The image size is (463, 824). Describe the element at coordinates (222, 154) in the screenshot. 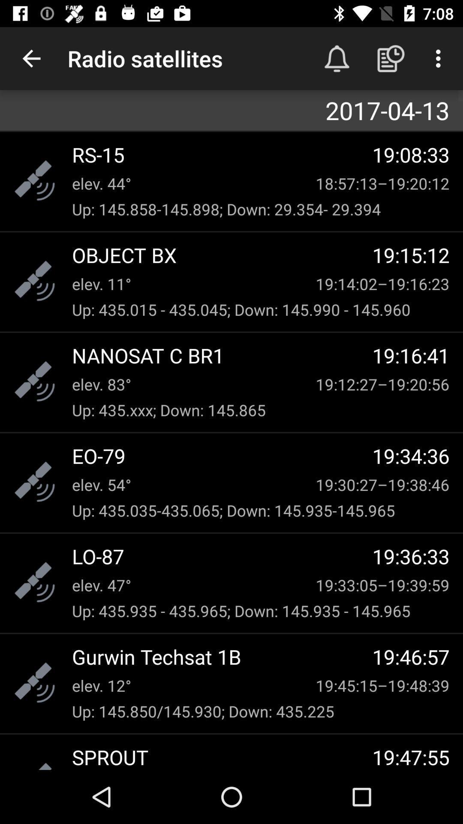

I see `item below 2017-04-13 item` at that location.